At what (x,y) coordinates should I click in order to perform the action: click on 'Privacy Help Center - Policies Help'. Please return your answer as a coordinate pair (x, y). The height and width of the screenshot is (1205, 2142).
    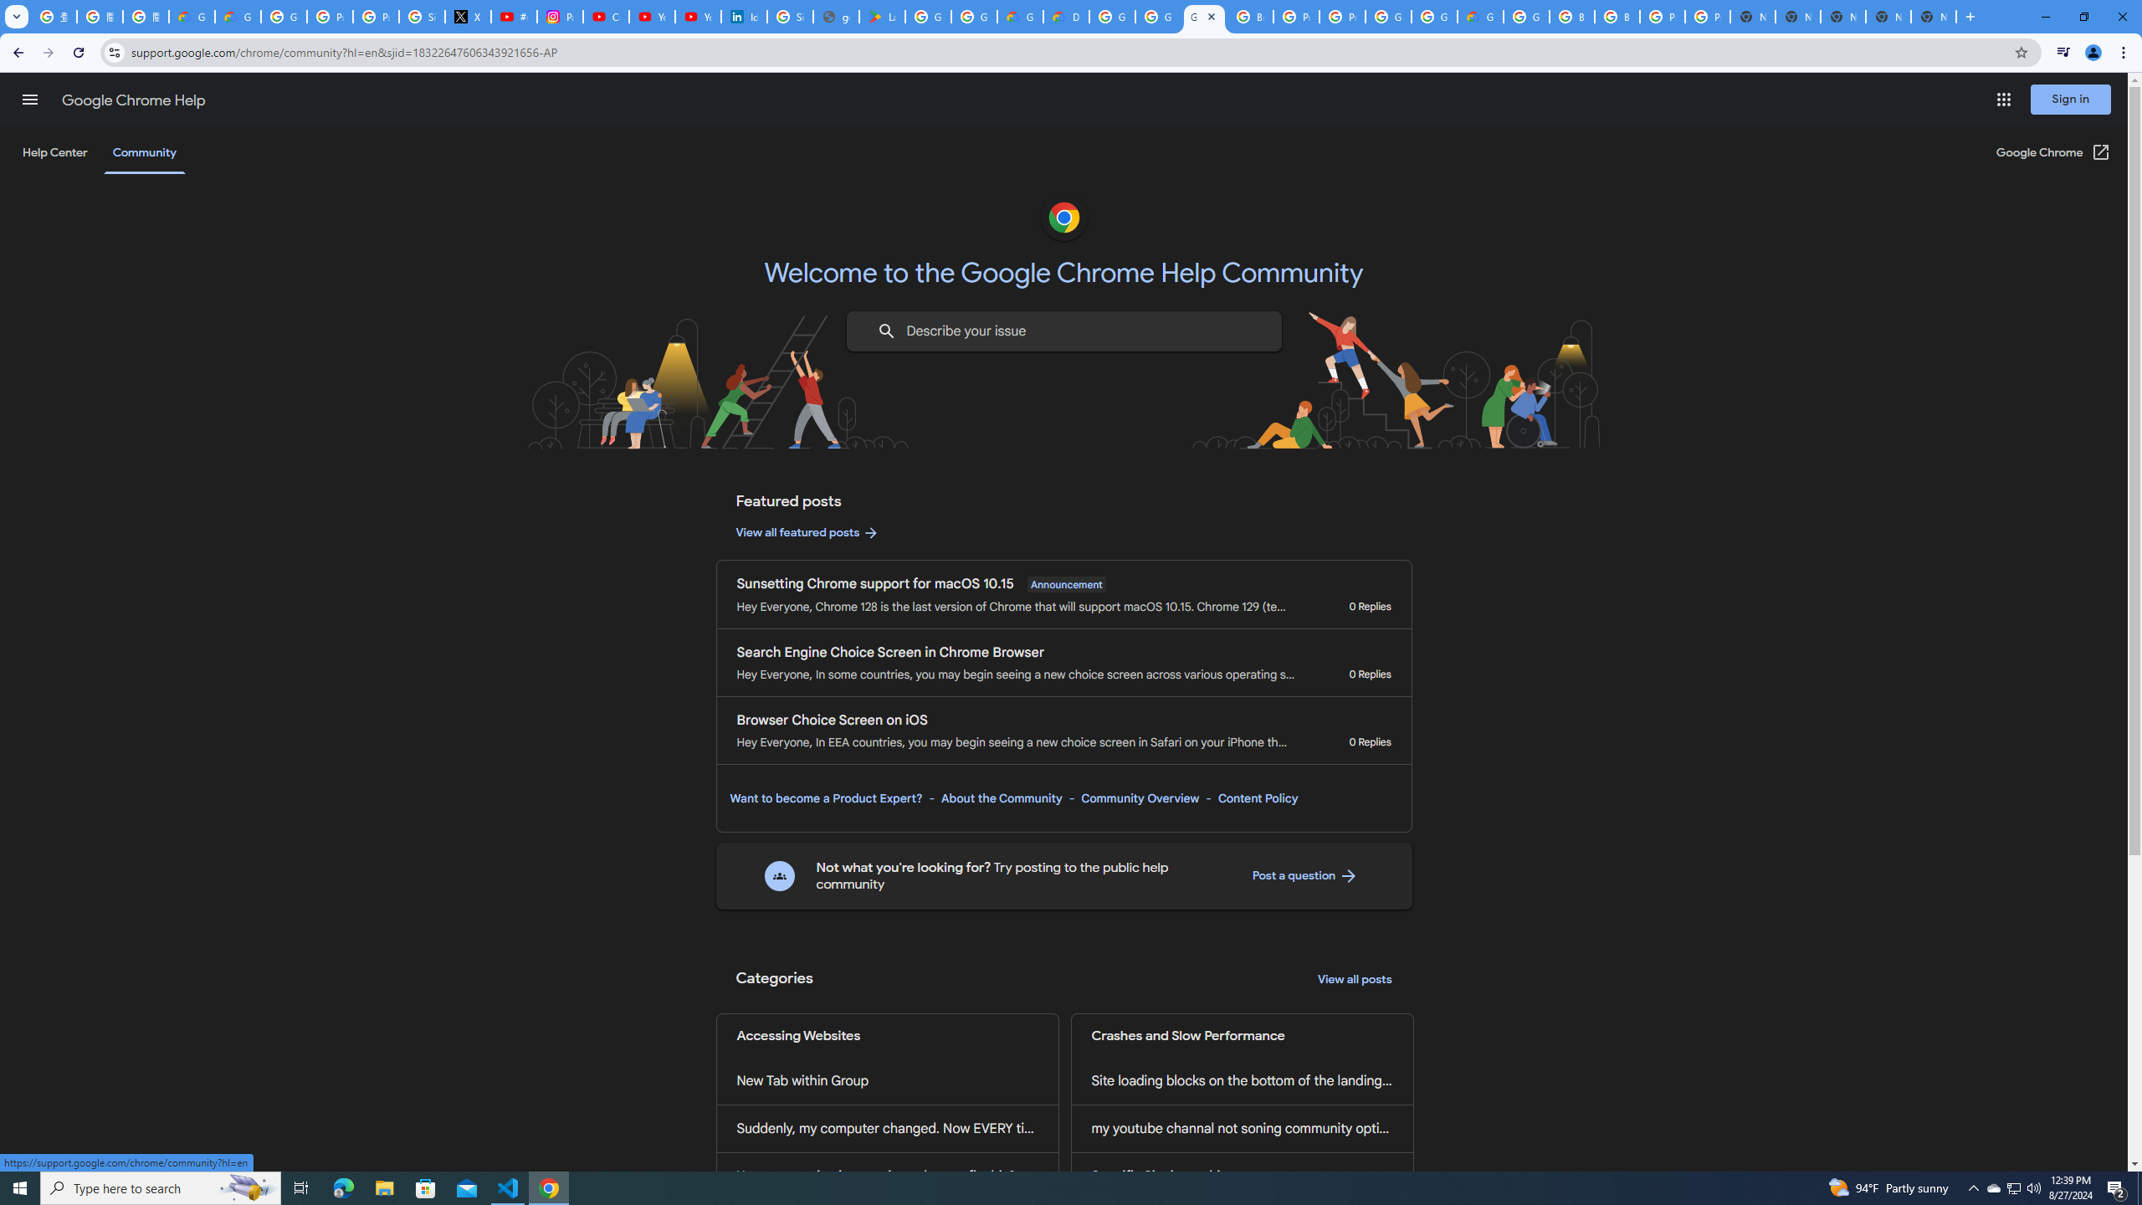
    Looking at the image, I should click on (375, 16).